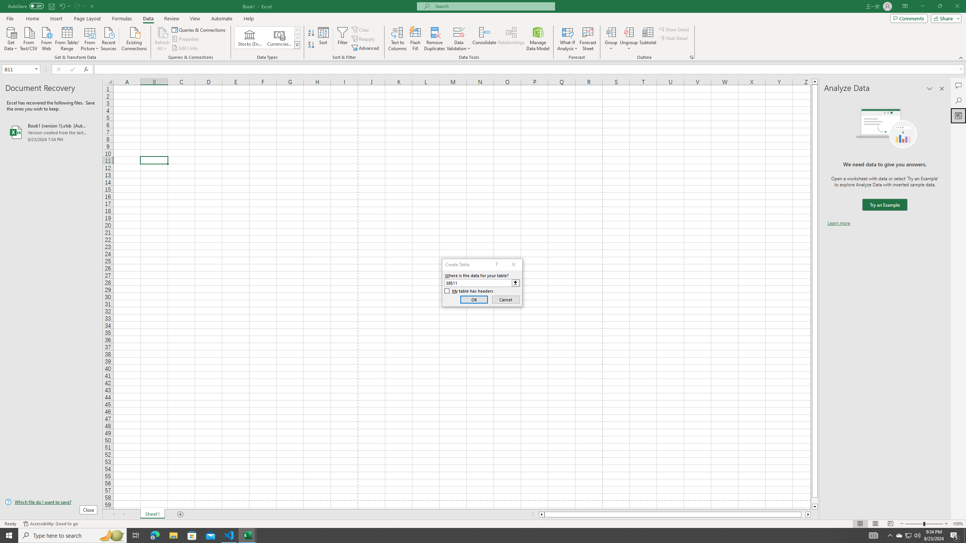 Image resolution: width=966 pixels, height=543 pixels. Describe the element at coordinates (162, 32) in the screenshot. I see `'Refresh All'` at that location.